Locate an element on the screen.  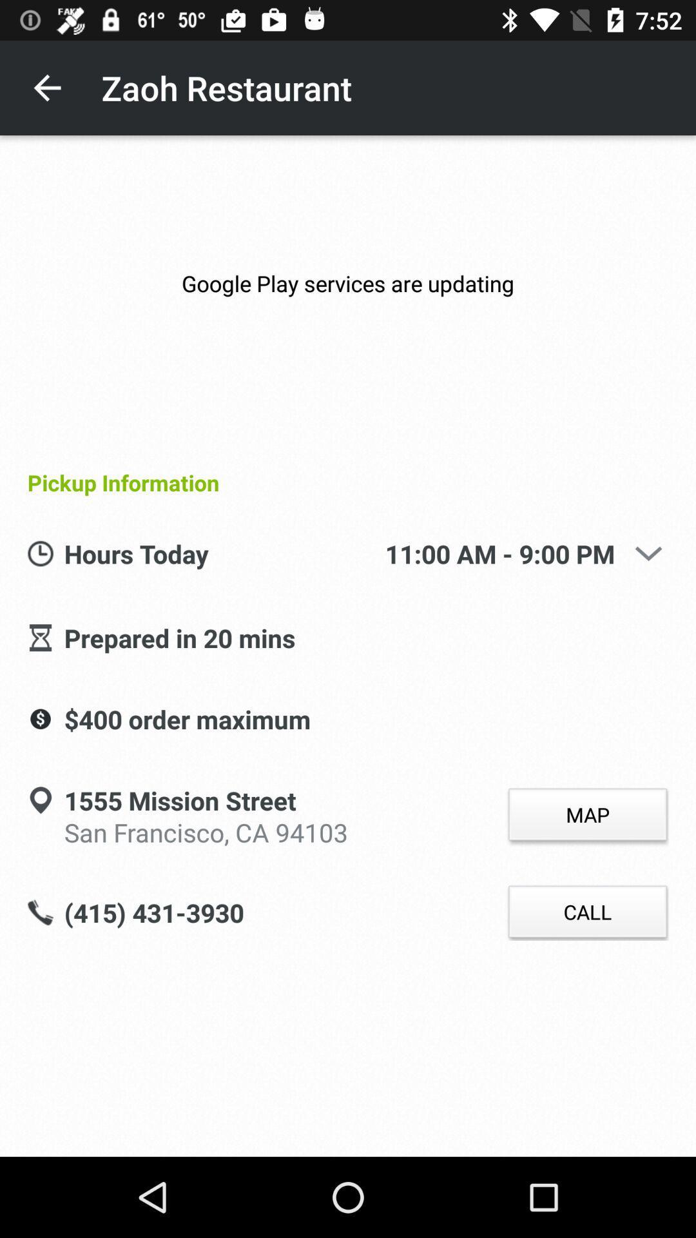
item below the $400 order maximum item is located at coordinates (180, 801).